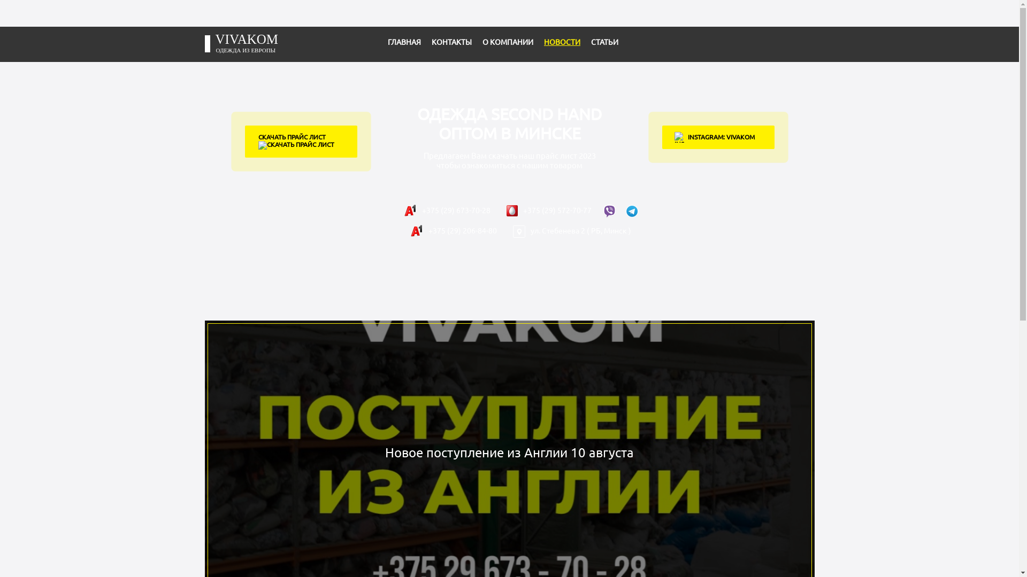 The width and height of the screenshot is (1027, 577). What do you see at coordinates (718, 137) in the screenshot?
I see `'INSTAGRAM: VIVAKOM'` at bounding box center [718, 137].